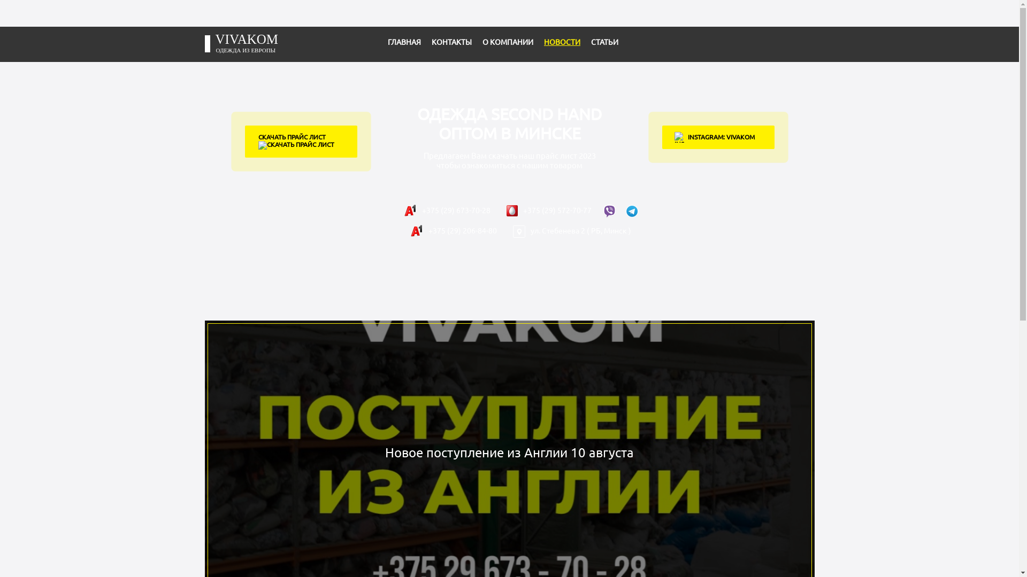 The width and height of the screenshot is (1027, 577). What do you see at coordinates (718, 137) in the screenshot?
I see `'INSTAGRAM: VIVAKOM'` at bounding box center [718, 137].